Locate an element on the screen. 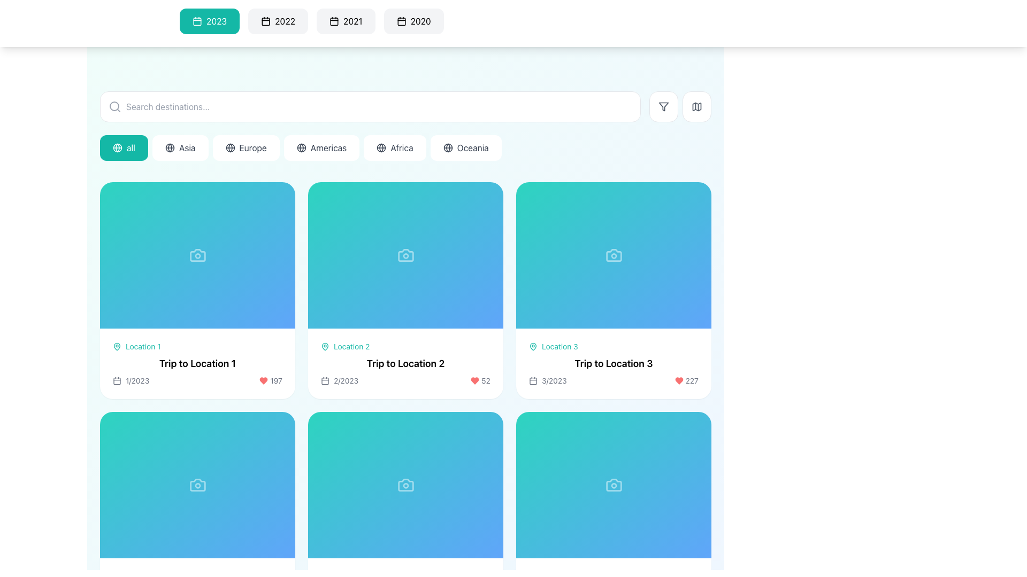 The image size is (1027, 577). the graphical placeholder located at the upper part of the card in the first row and first column, which features a gradient background and a centered camera icon is located at coordinates (197, 255).